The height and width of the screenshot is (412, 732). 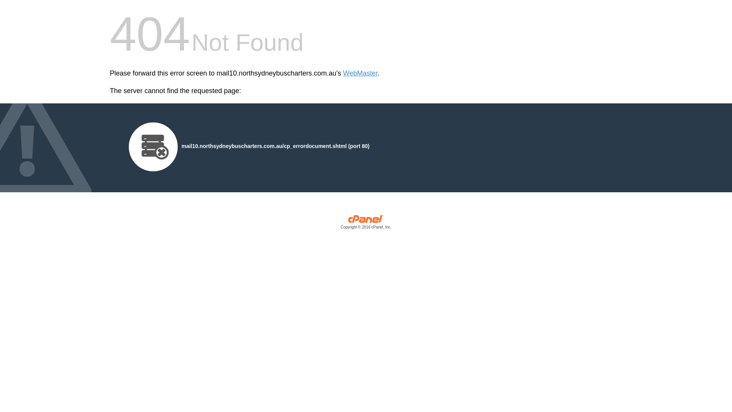 I want to click on 'WebMaster', so click(x=360, y=73).